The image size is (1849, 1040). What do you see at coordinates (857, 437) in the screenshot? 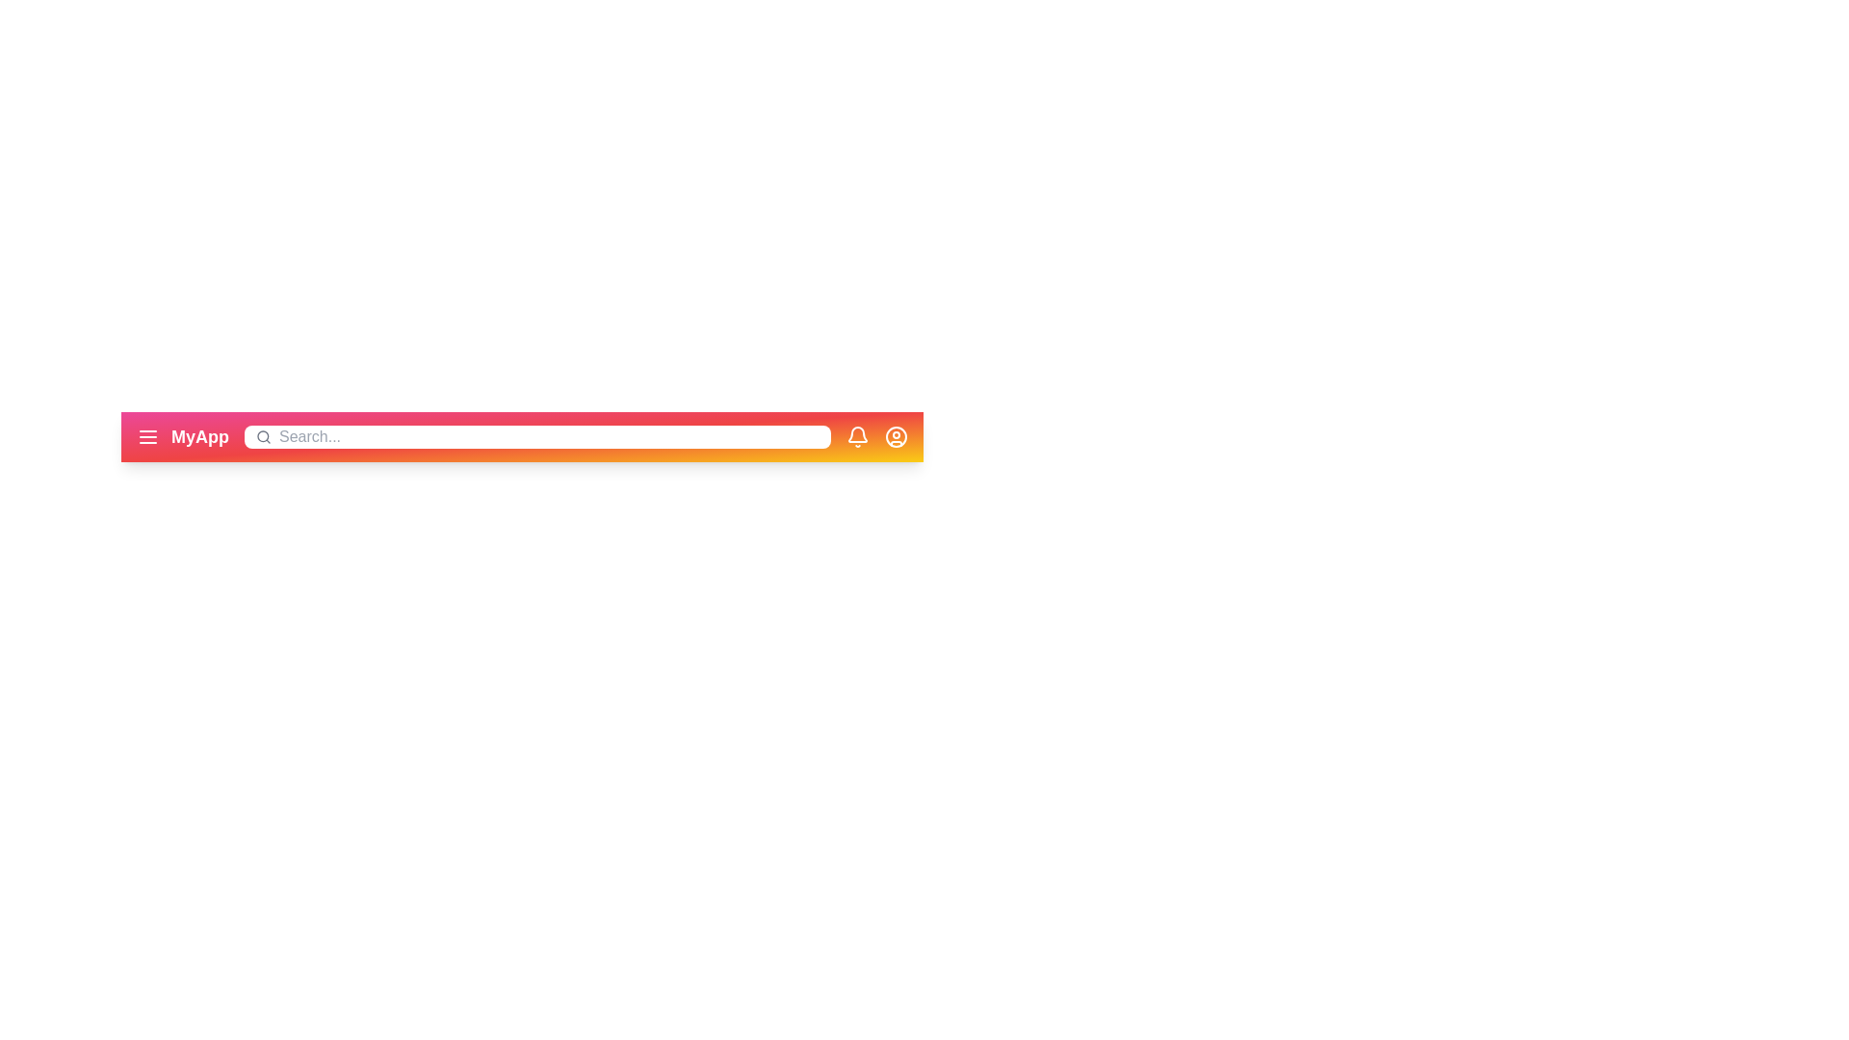
I see `the bell icon to trigger its associated functionality` at bounding box center [857, 437].